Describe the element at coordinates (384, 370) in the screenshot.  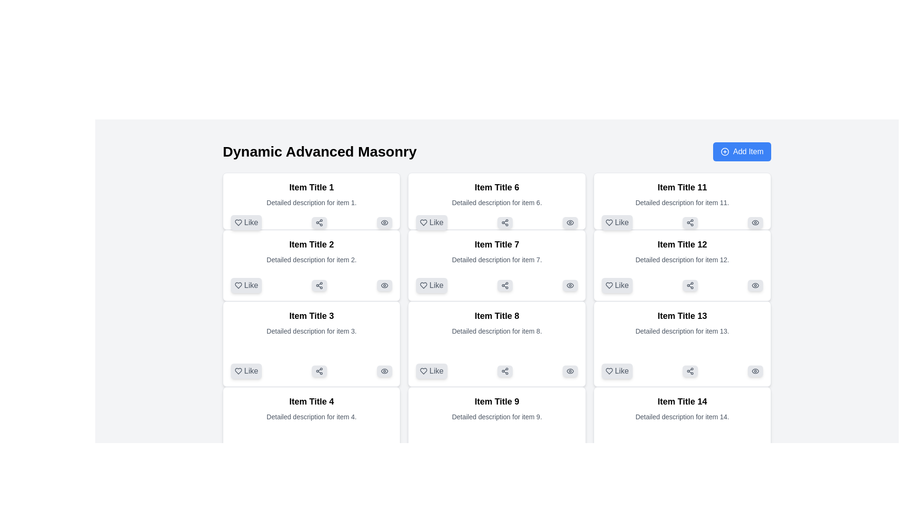
I see `the view icon located at the bottom-right corner of the 'Item Title 3' card, next to the 'Like' button and 'Share' button` at that location.